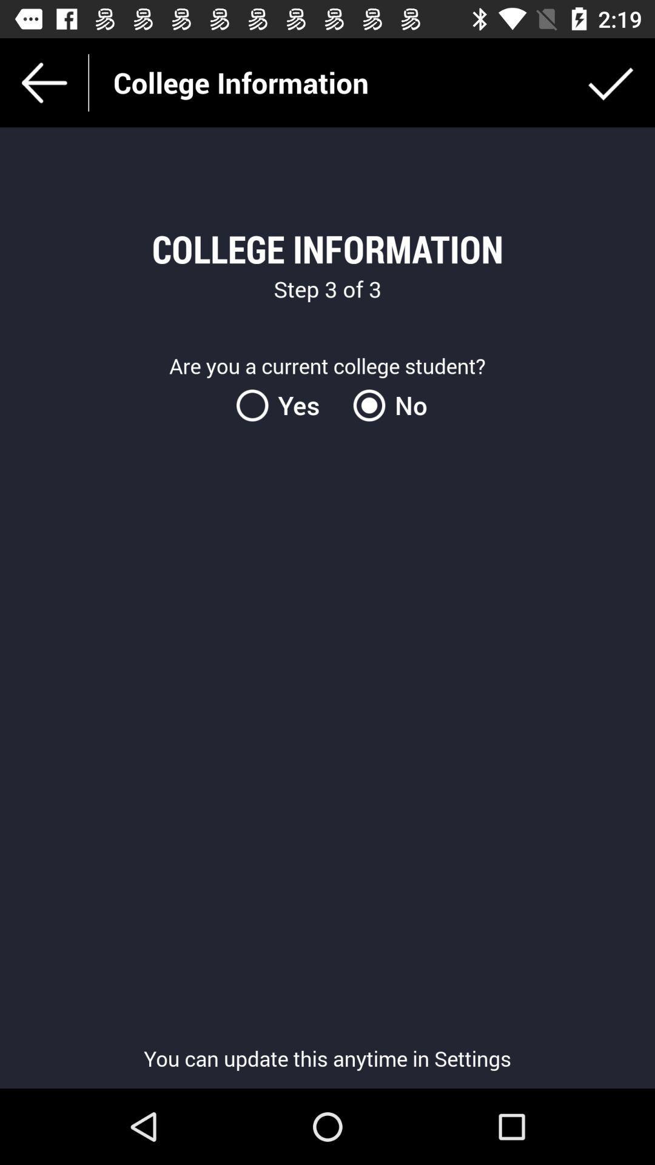 The height and width of the screenshot is (1165, 655). Describe the element at coordinates (386, 405) in the screenshot. I see `the item next to the yes` at that location.